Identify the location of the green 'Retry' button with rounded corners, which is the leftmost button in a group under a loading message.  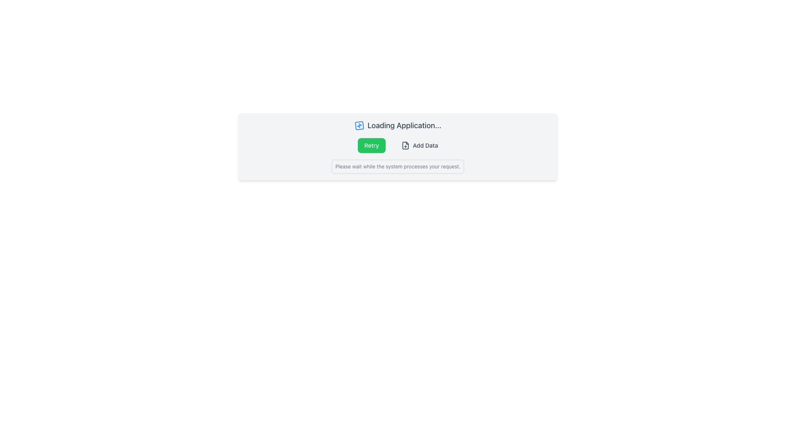
(371, 145).